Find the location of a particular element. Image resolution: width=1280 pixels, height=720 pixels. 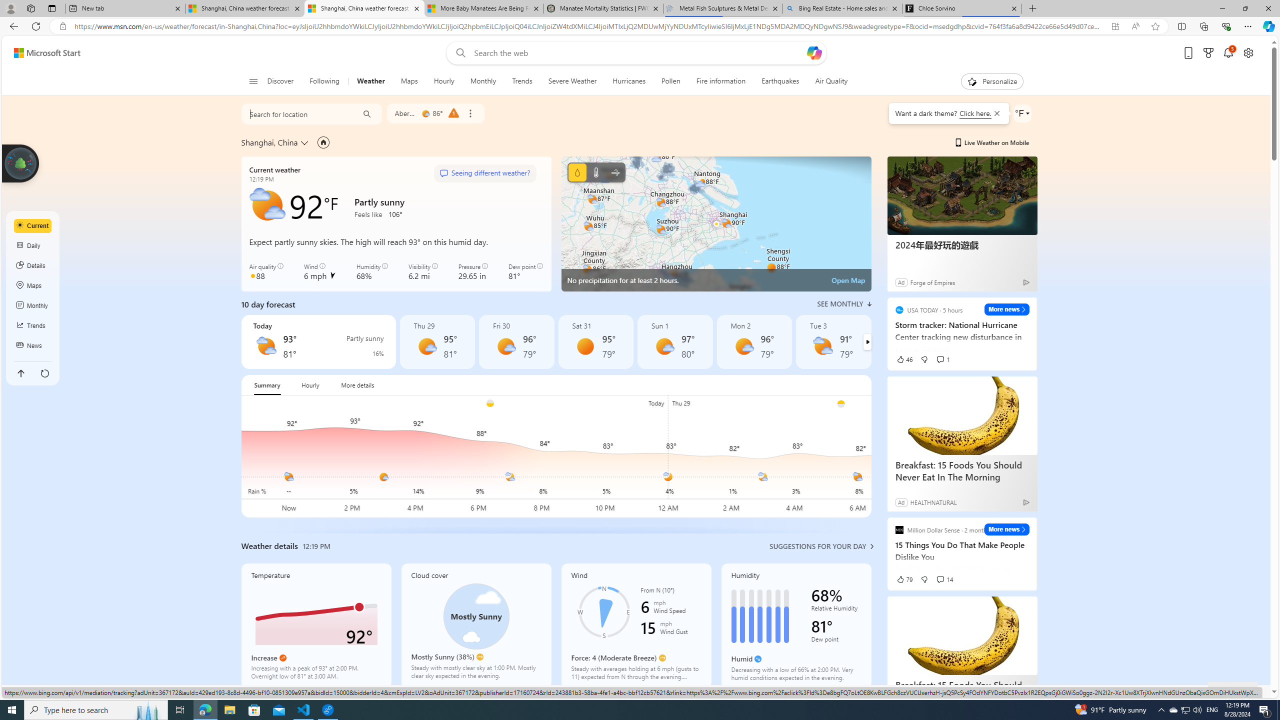

'More details' is located at coordinates (357, 384).